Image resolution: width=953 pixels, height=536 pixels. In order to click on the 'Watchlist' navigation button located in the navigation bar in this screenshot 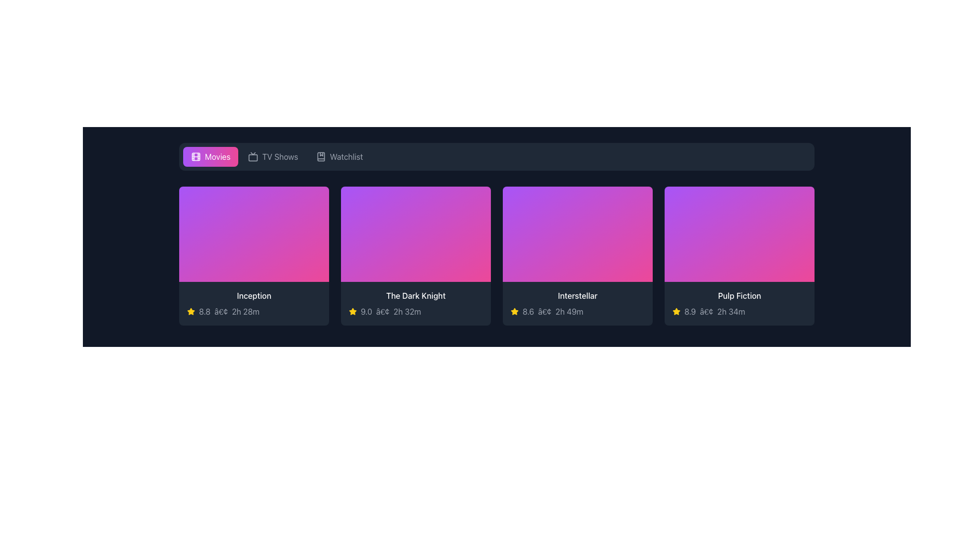, I will do `click(340, 156)`.